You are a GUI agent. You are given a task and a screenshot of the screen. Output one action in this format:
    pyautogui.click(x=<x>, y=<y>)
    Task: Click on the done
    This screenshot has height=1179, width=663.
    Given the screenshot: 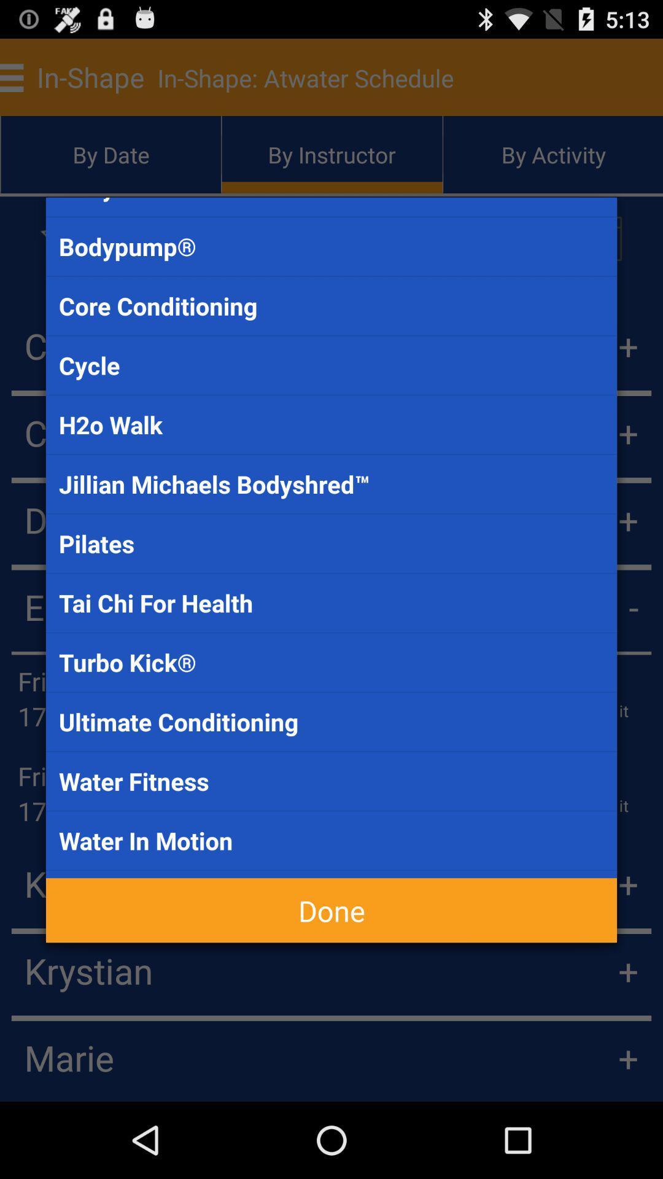 What is the action you would take?
    pyautogui.click(x=331, y=910)
    